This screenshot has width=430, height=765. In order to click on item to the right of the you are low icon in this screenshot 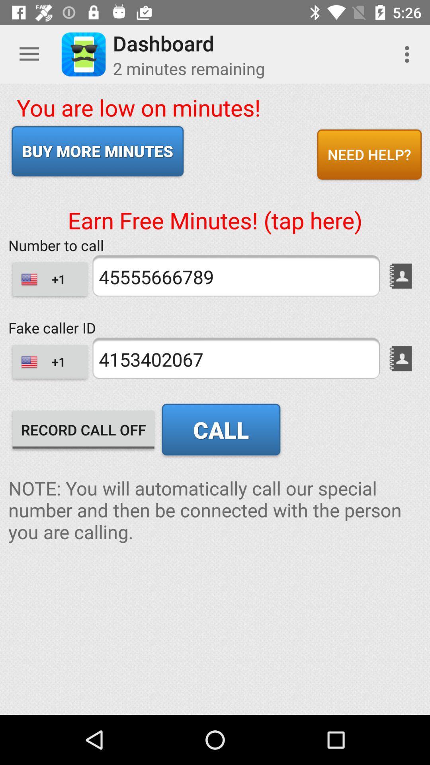, I will do `click(369, 154)`.